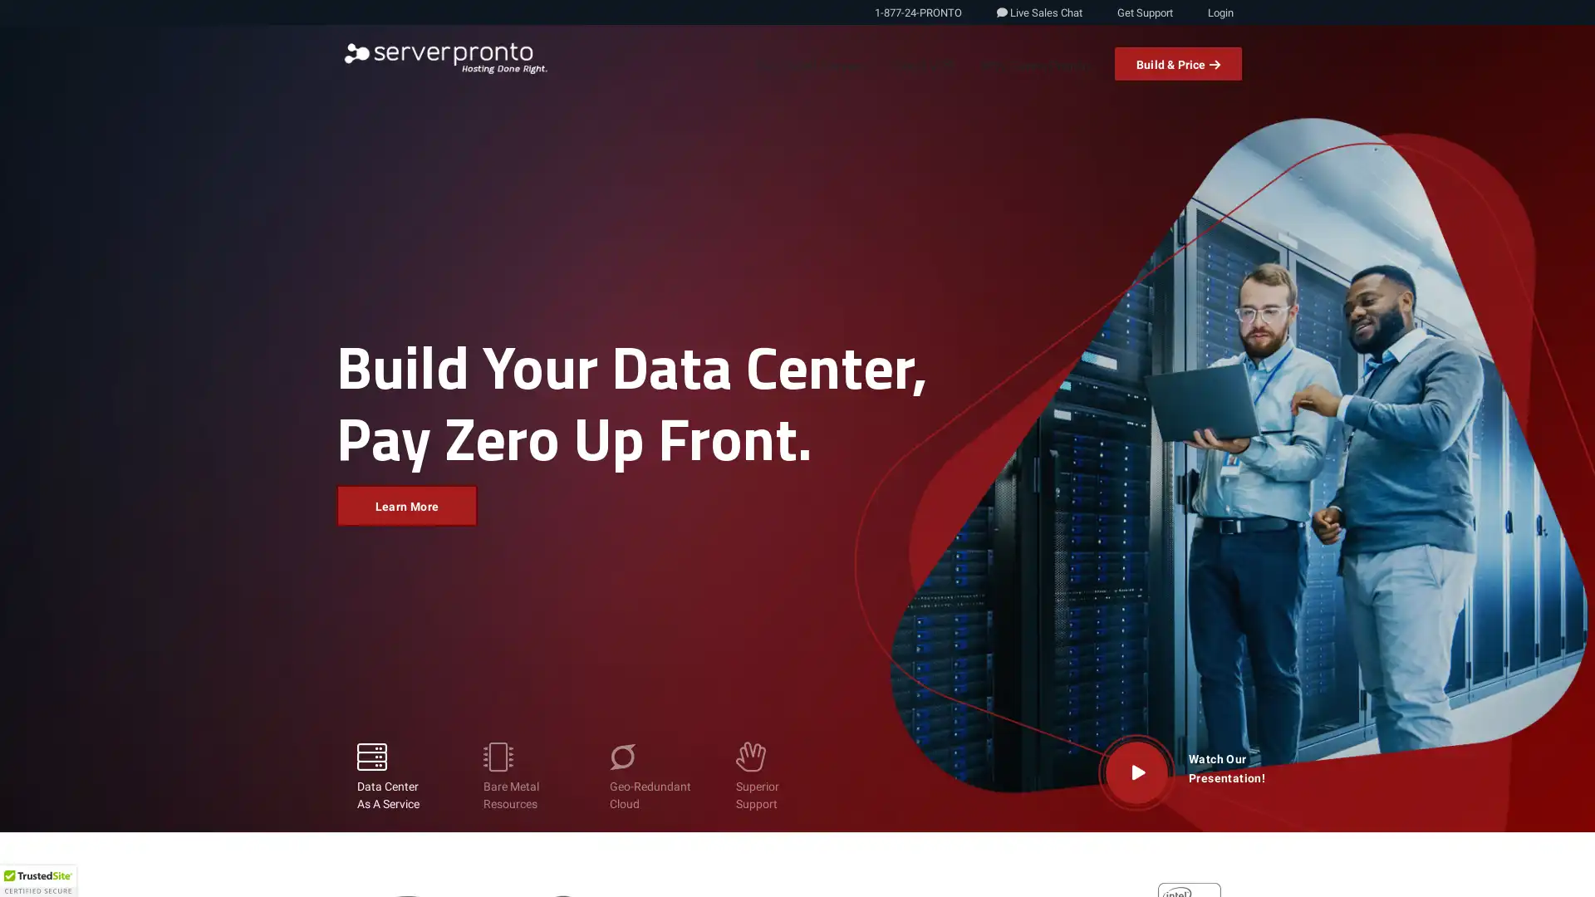 The height and width of the screenshot is (897, 1595). Describe the element at coordinates (524, 777) in the screenshot. I see `Bare Metal Resources` at that location.